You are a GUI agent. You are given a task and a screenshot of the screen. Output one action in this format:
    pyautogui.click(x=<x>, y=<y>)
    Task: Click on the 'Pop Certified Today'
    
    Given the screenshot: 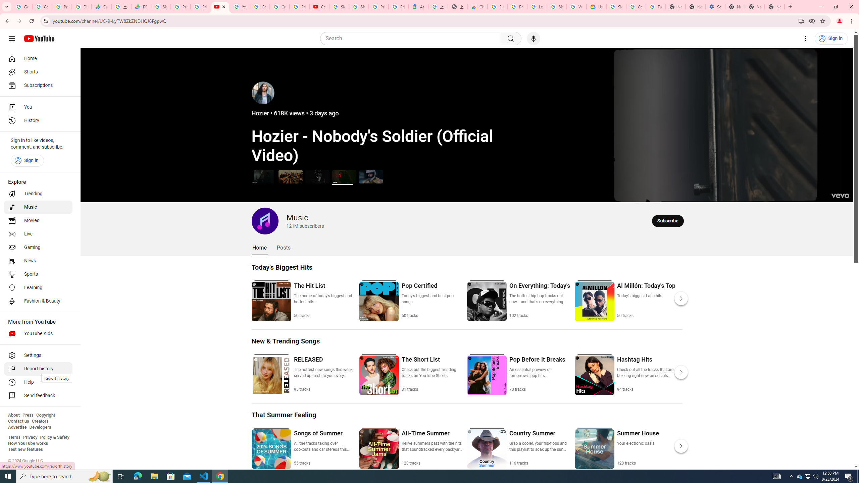 What is the action you would take?
    pyautogui.click(x=432, y=300)
    